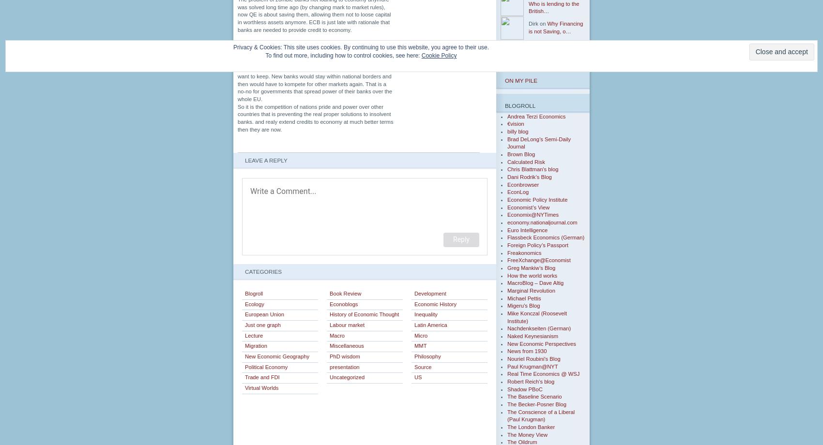 The image size is (823, 445). Describe the element at coordinates (254, 335) in the screenshot. I see `'Lecture'` at that location.